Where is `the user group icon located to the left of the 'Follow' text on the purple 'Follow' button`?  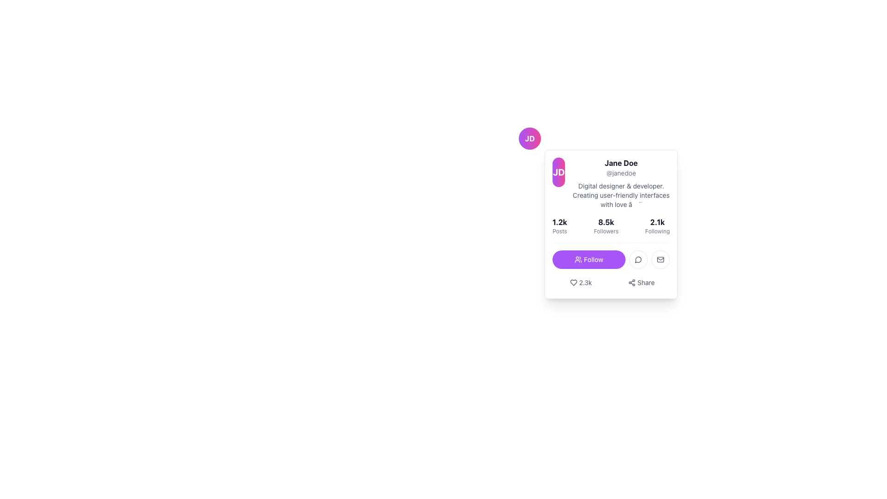 the user group icon located to the left of the 'Follow' text on the purple 'Follow' button is located at coordinates (577, 260).